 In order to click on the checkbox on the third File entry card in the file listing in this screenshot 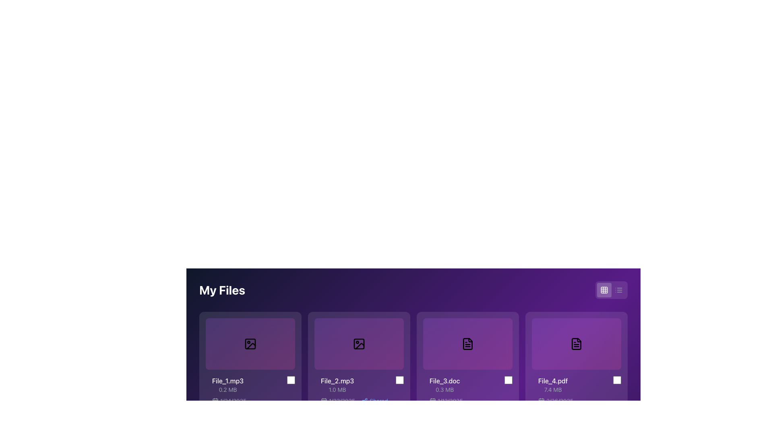, I will do `click(471, 390)`.